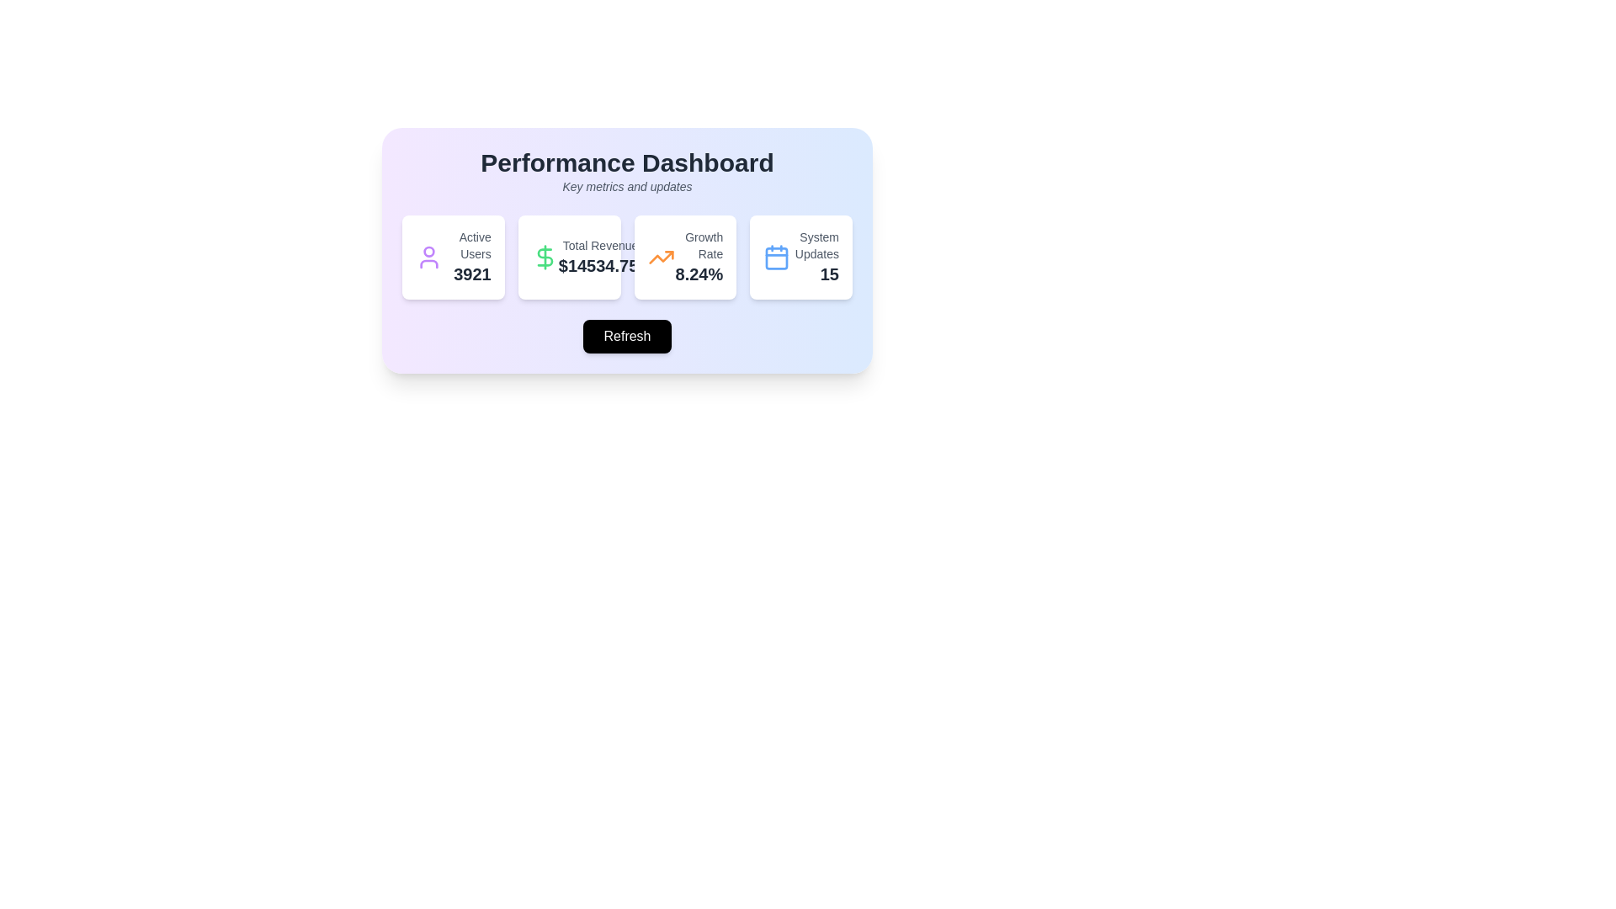 The image size is (1616, 909). What do you see at coordinates (428, 263) in the screenshot?
I see `the decorative icon component representing the lower part of the user icon in the dashboard interface` at bounding box center [428, 263].